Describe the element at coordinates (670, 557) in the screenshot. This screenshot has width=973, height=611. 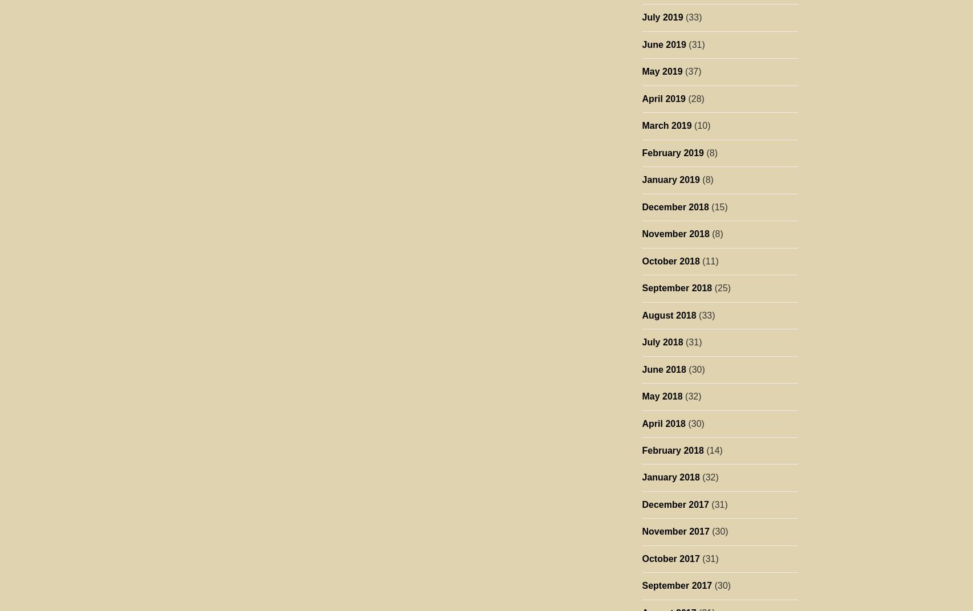
I see `'October 2017'` at that location.